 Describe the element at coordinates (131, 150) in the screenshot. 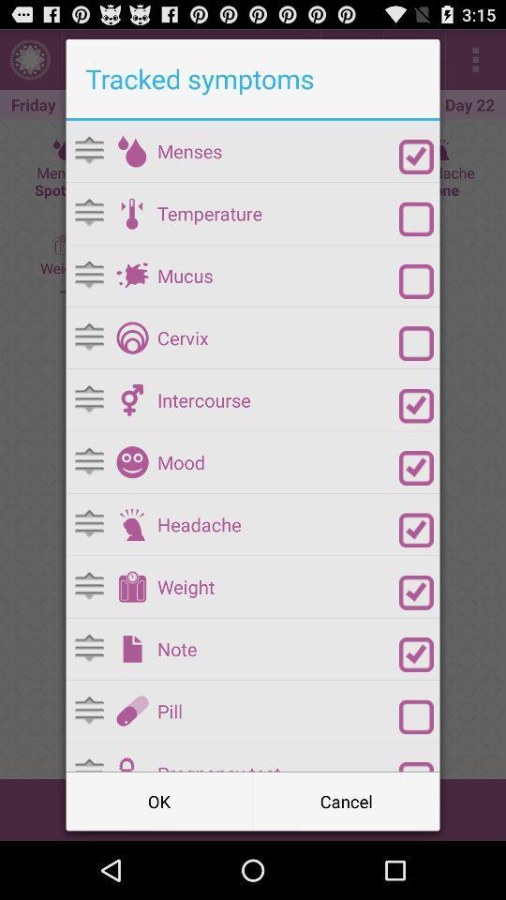

I see `choose this` at that location.